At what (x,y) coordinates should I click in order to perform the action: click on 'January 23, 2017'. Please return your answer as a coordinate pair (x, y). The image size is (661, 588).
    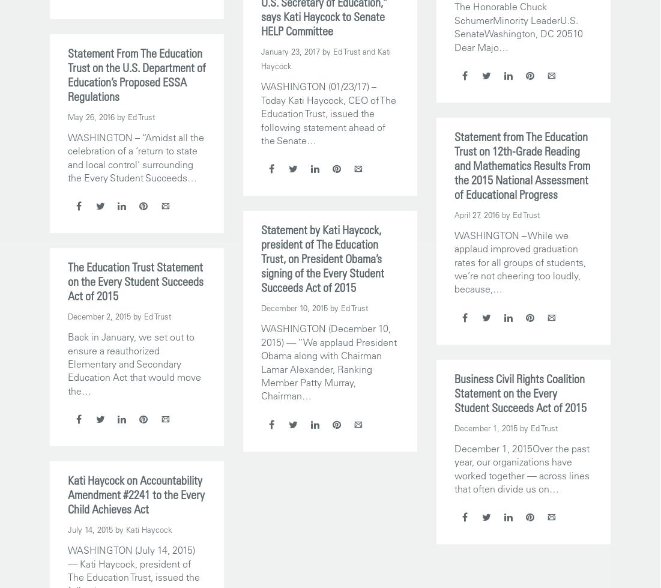
    Looking at the image, I should click on (261, 51).